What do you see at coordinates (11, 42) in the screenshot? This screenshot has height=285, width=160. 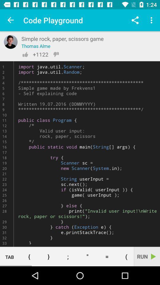 I see `user account` at bounding box center [11, 42].